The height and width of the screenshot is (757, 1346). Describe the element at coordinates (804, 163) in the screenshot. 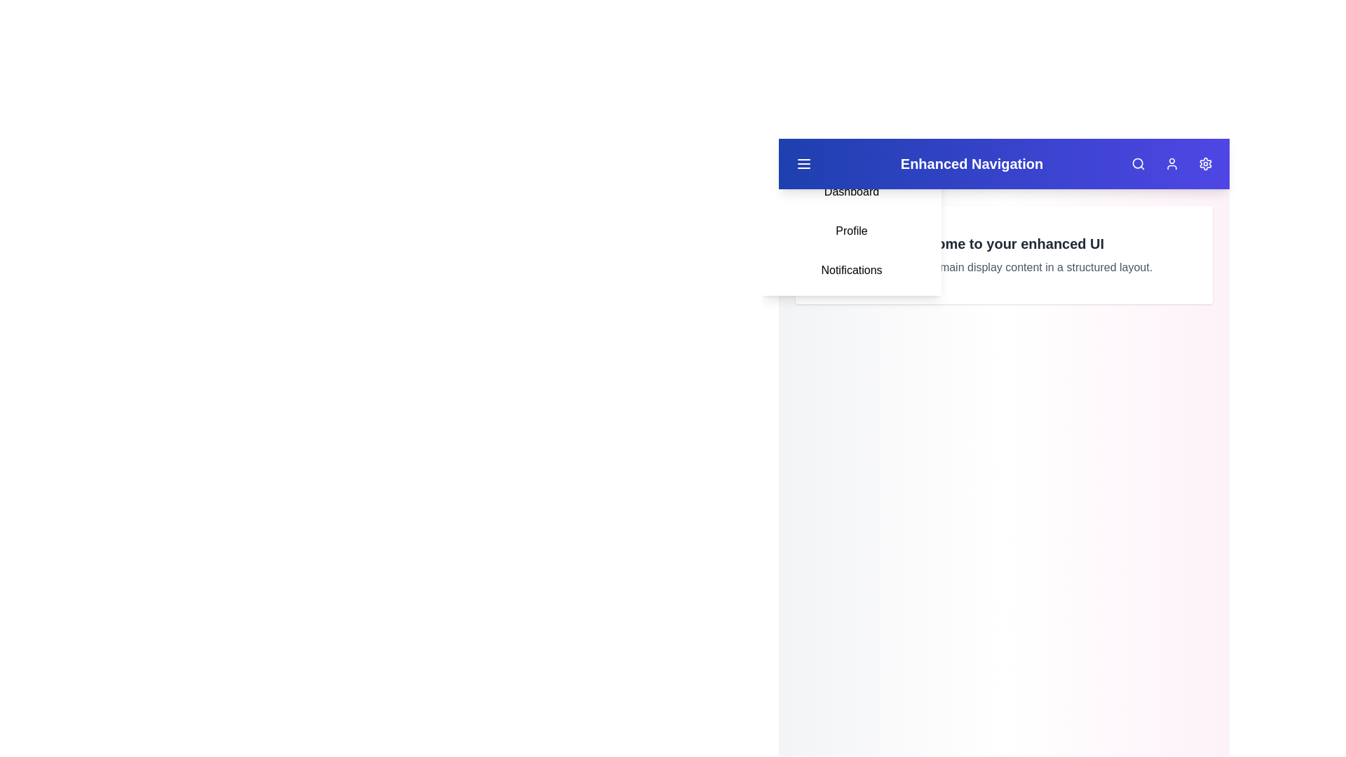

I see `the menu toggle button to toggle the visibility of the menu` at that location.